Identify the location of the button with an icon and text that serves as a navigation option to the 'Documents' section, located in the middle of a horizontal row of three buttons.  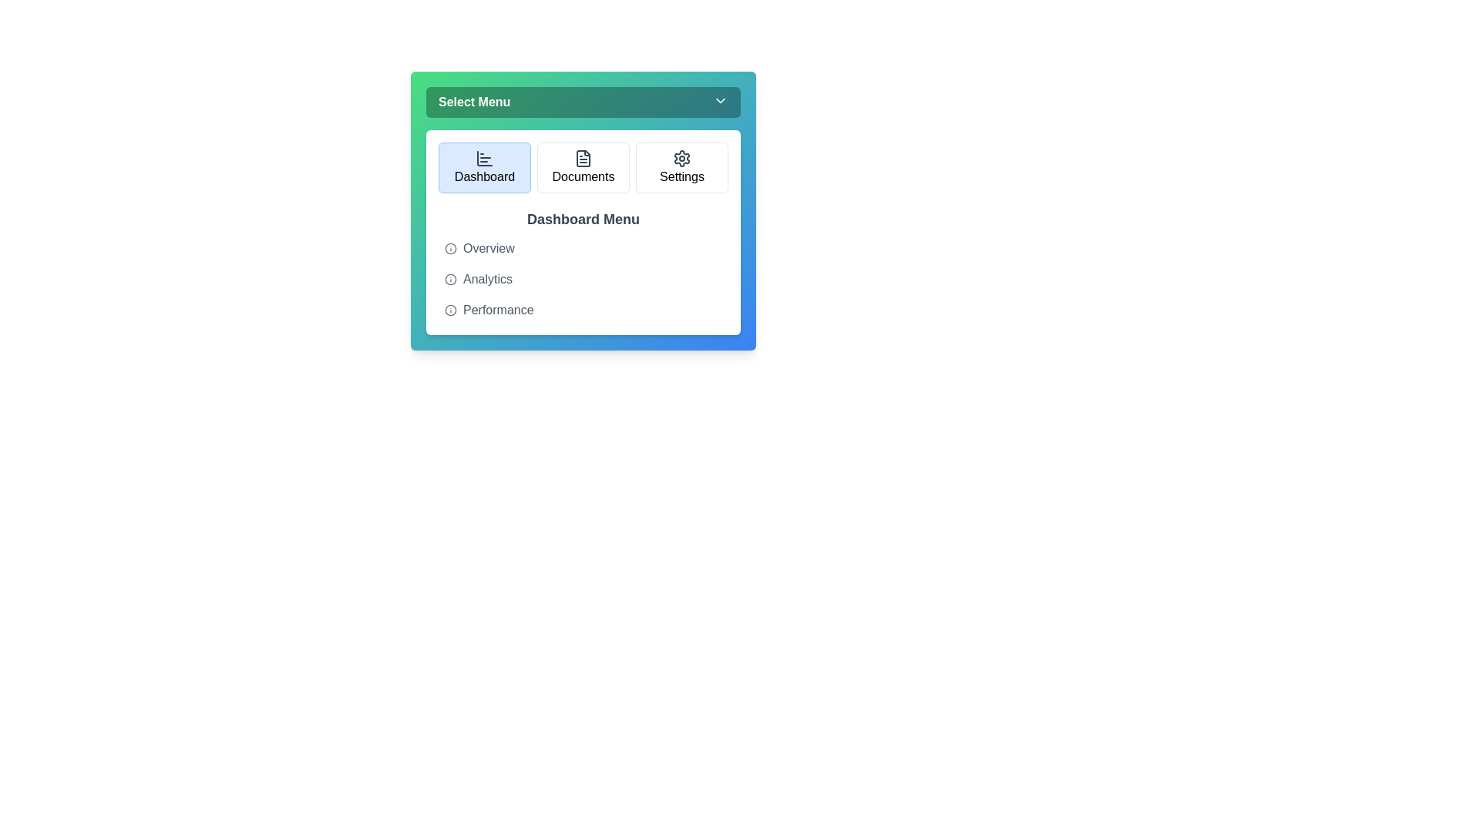
(583, 168).